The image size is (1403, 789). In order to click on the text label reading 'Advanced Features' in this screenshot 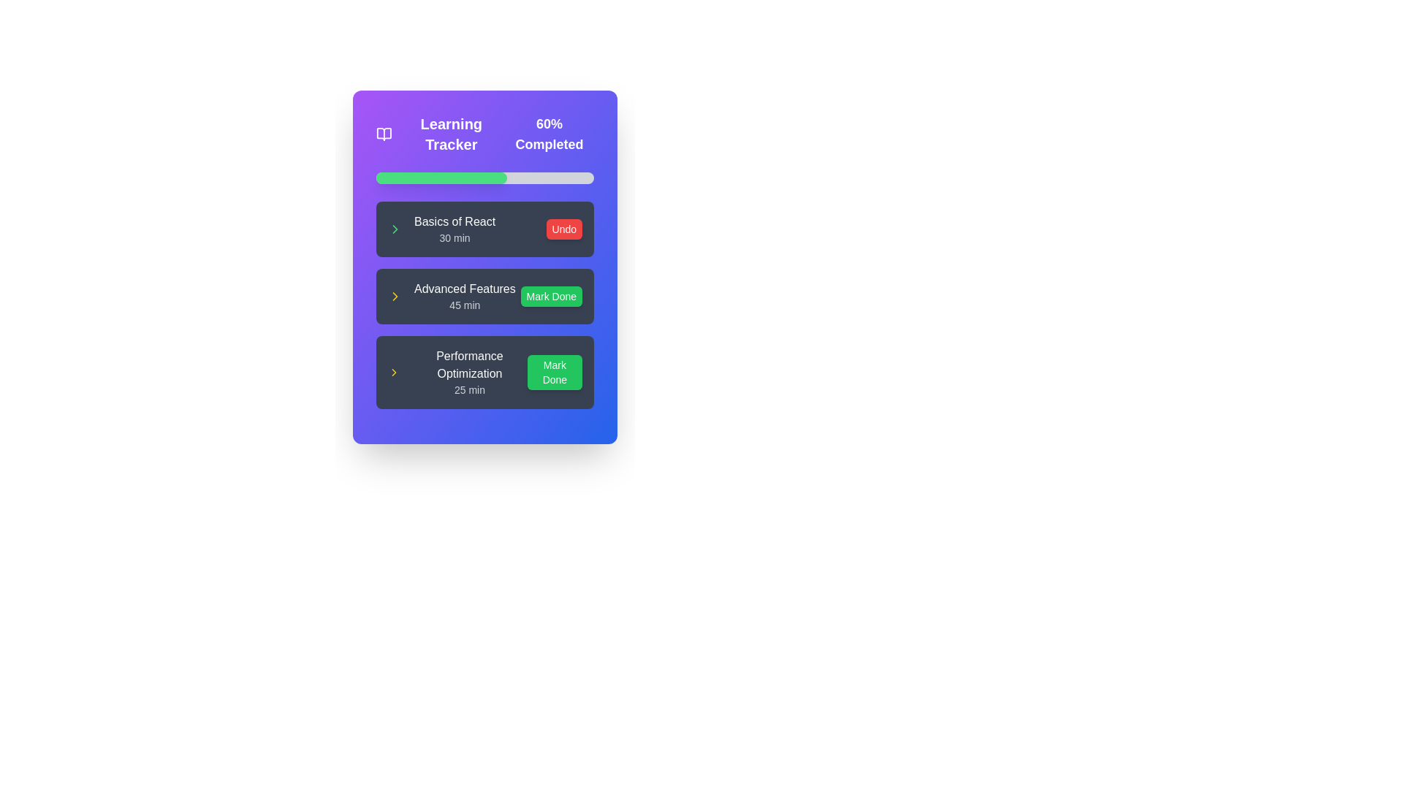, I will do `click(464, 289)`.